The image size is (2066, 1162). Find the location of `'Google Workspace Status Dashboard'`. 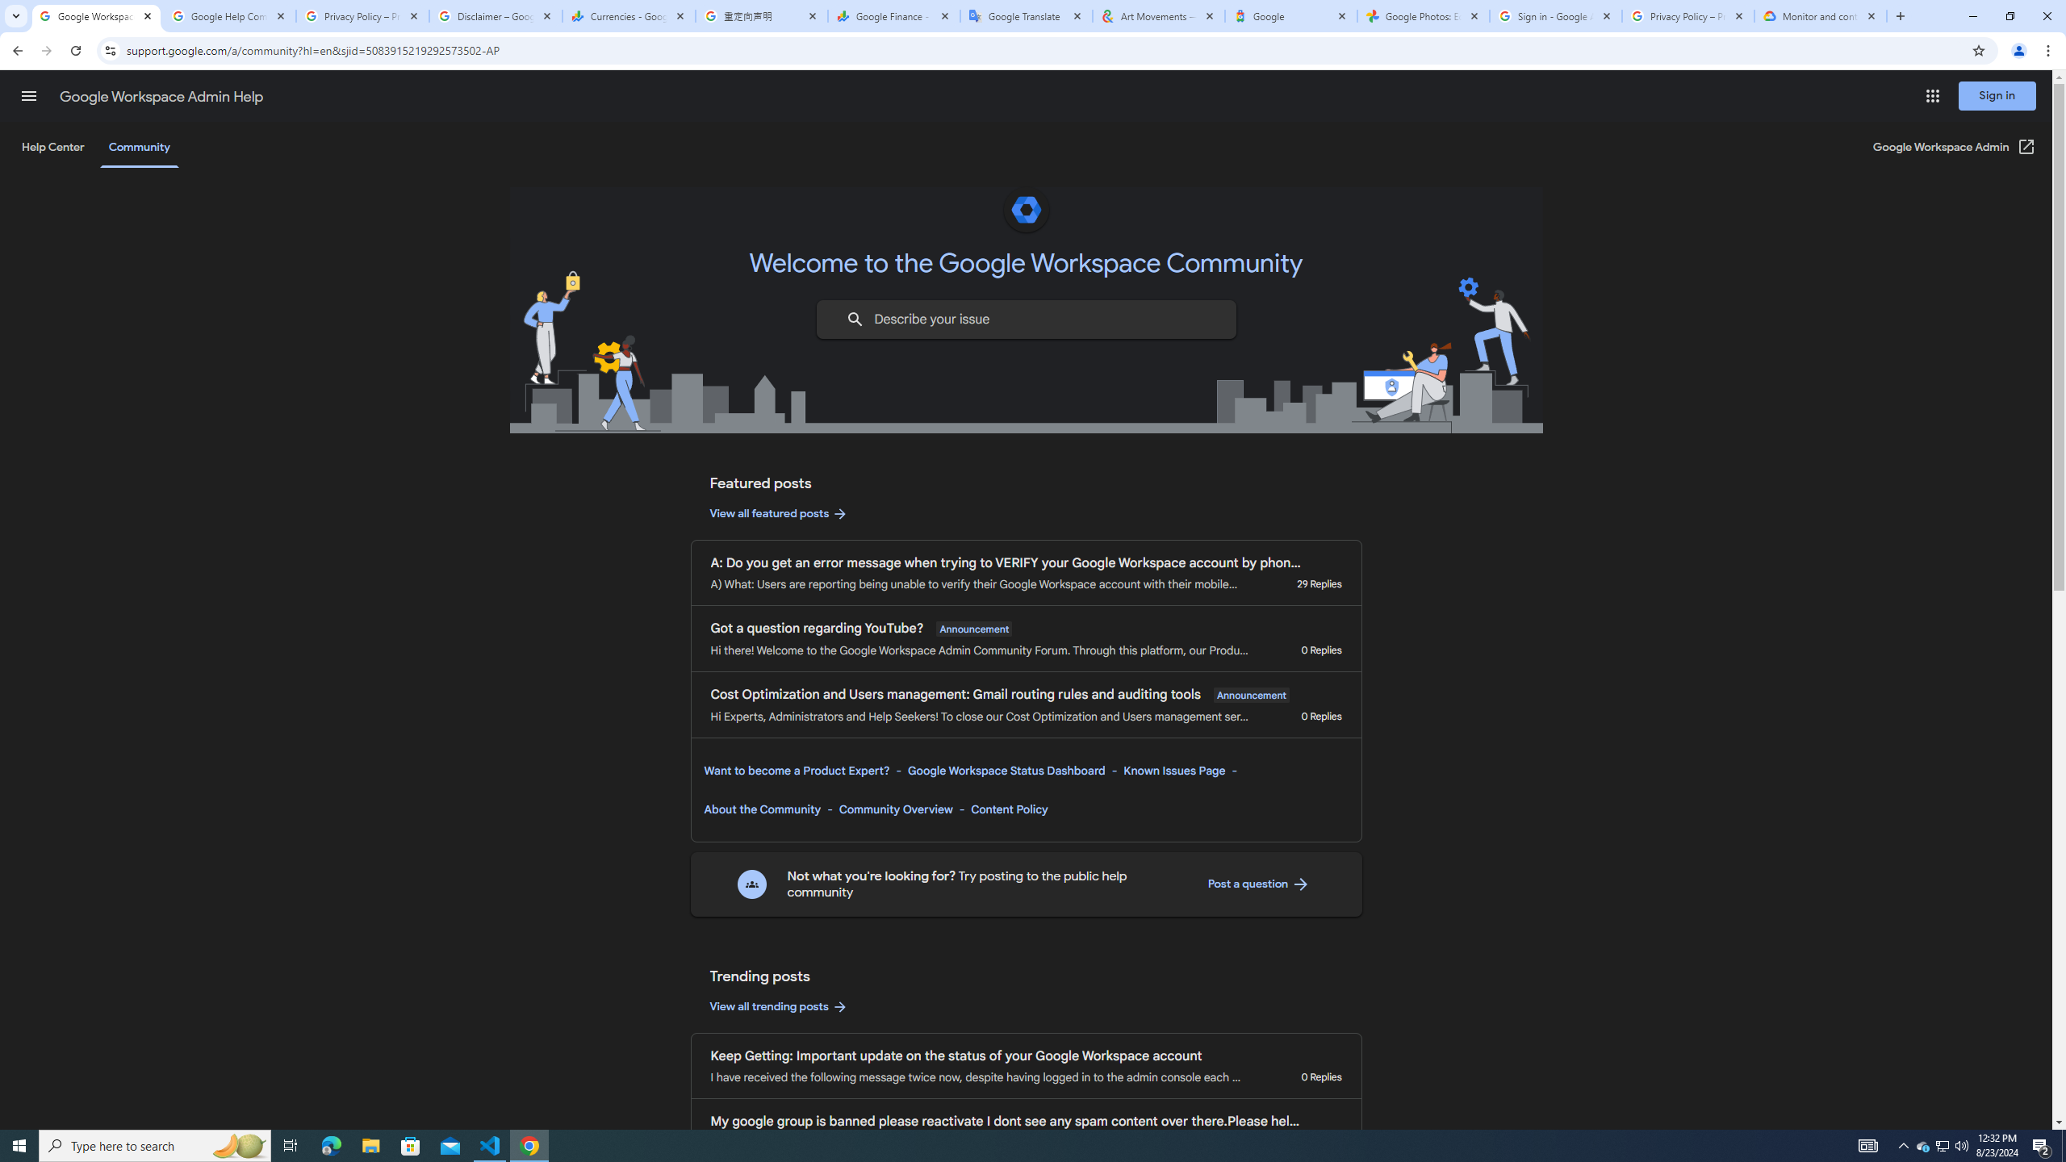

'Google Workspace Status Dashboard' is located at coordinates (1006, 769).